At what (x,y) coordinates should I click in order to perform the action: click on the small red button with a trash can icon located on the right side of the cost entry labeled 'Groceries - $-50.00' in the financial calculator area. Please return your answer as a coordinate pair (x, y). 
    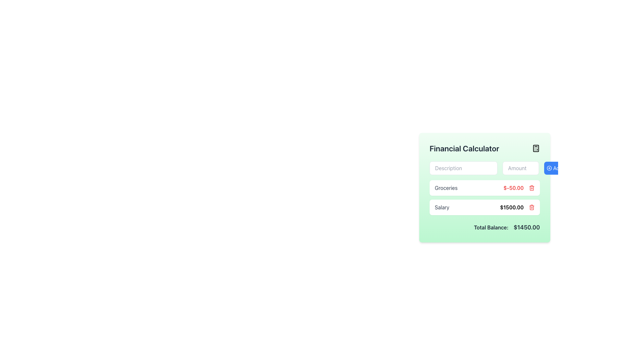
    Looking at the image, I should click on (531, 188).